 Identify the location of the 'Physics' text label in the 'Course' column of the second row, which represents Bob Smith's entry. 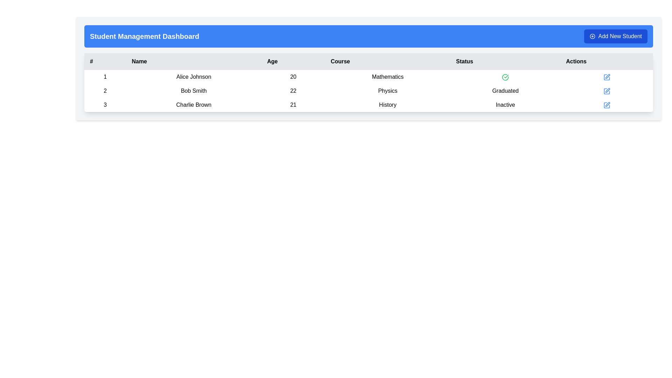
(387, 90).